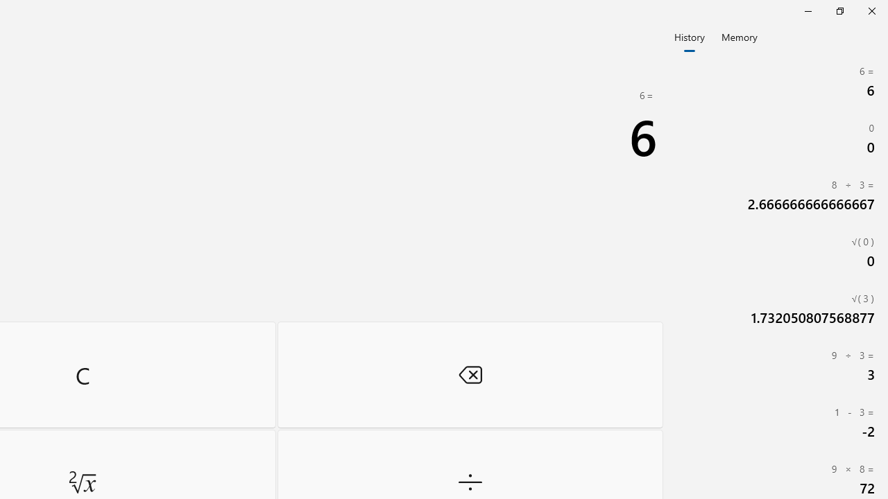 The image size is (888, 499). Describe the element at coordinates (777, 82) in the screenshot. I see `'6= 6'` at that location.